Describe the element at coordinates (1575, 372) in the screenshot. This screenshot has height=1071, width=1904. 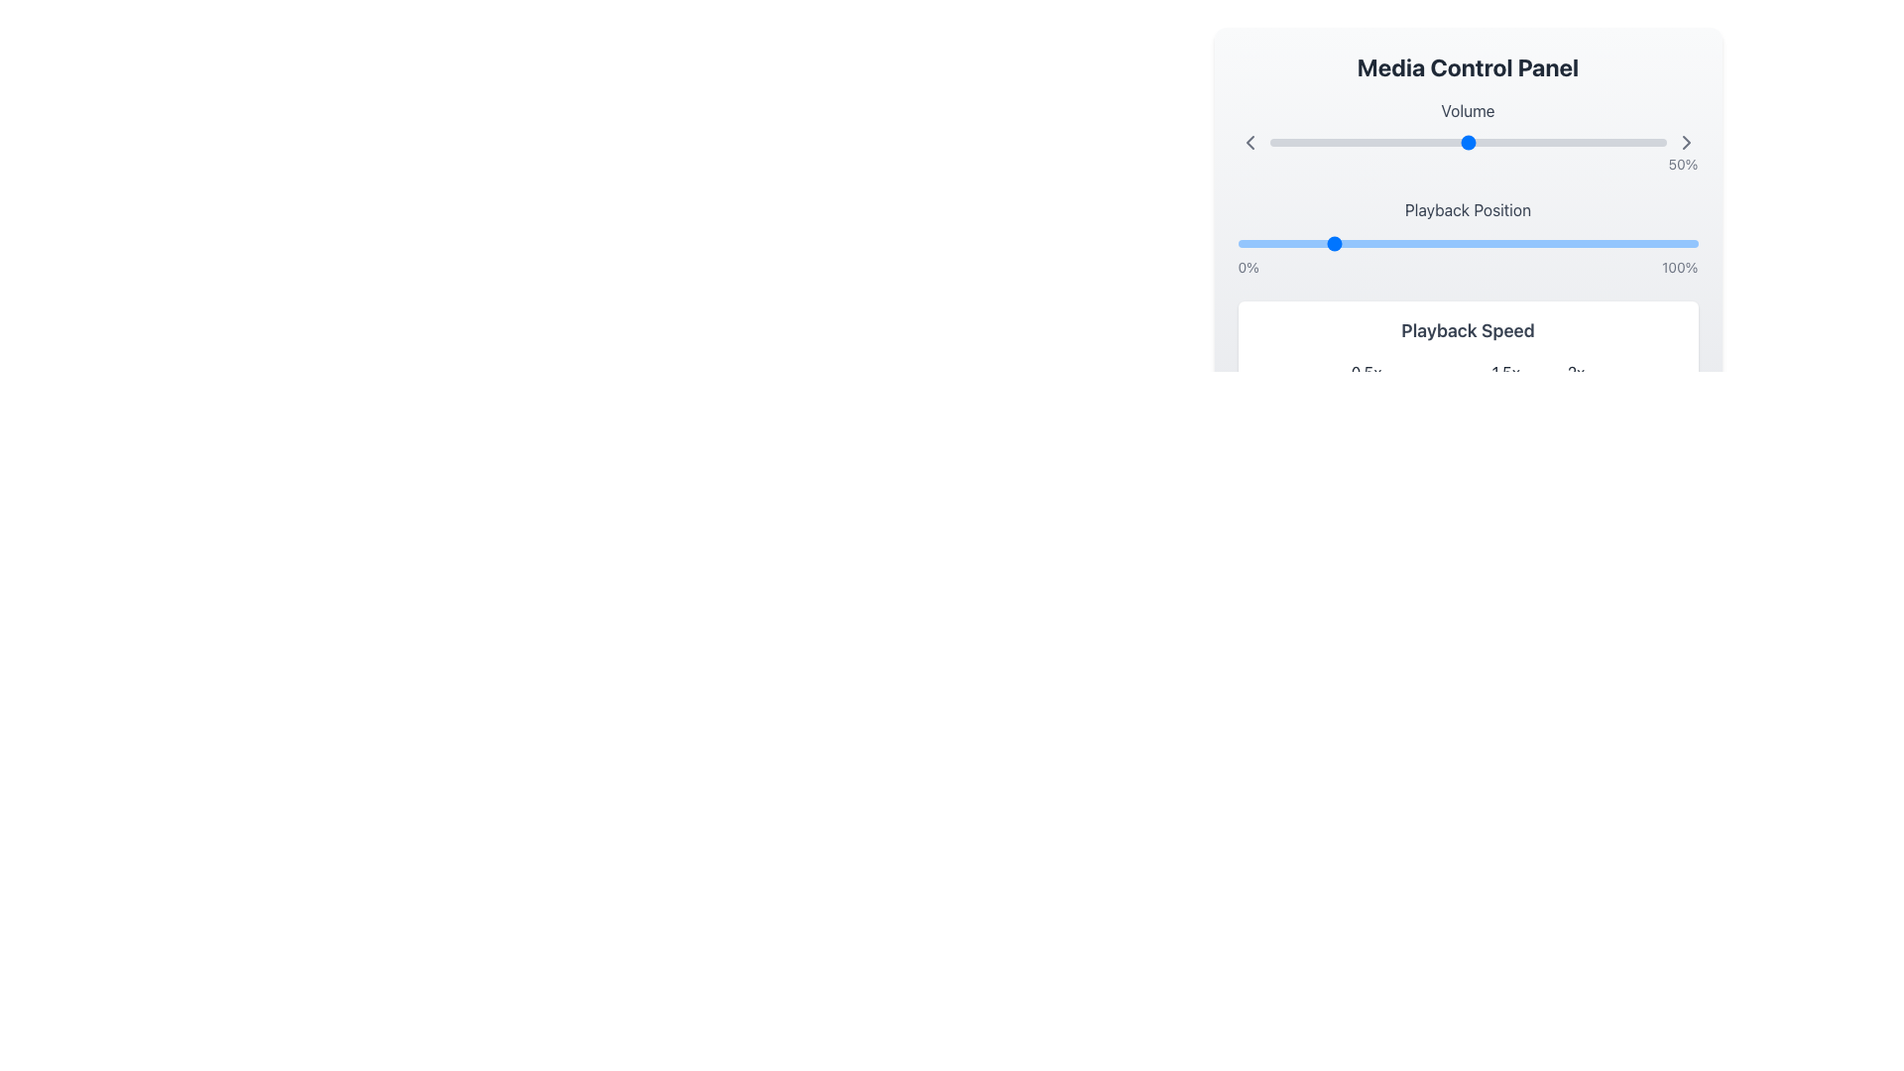
I see `the playback speed button that sets the speed to 2x, located in the fourth position of the horizontally aligned group of buttons in the 'Playback Speed' section of the media control panel` at that location.